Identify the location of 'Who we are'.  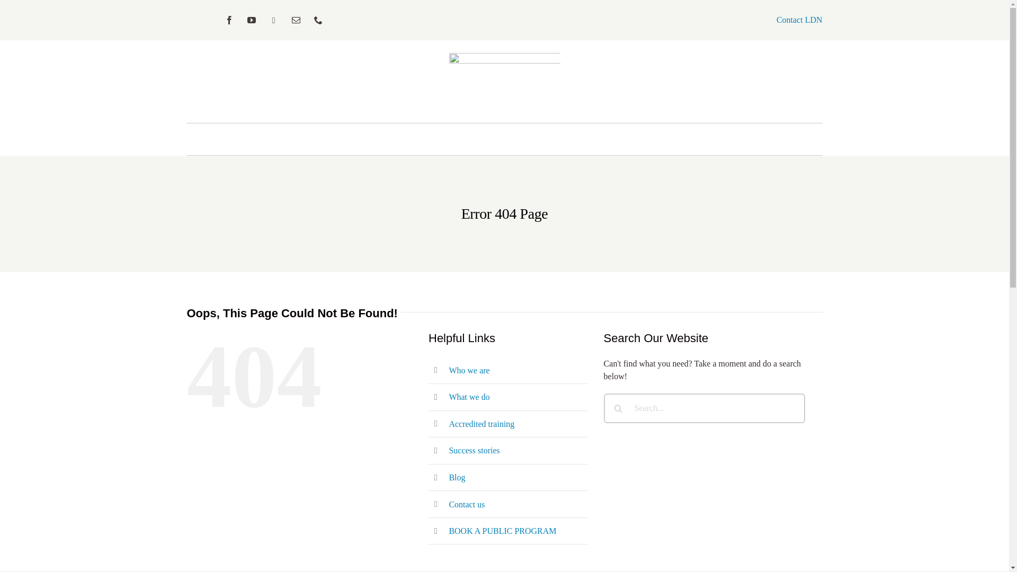
(468, 370).